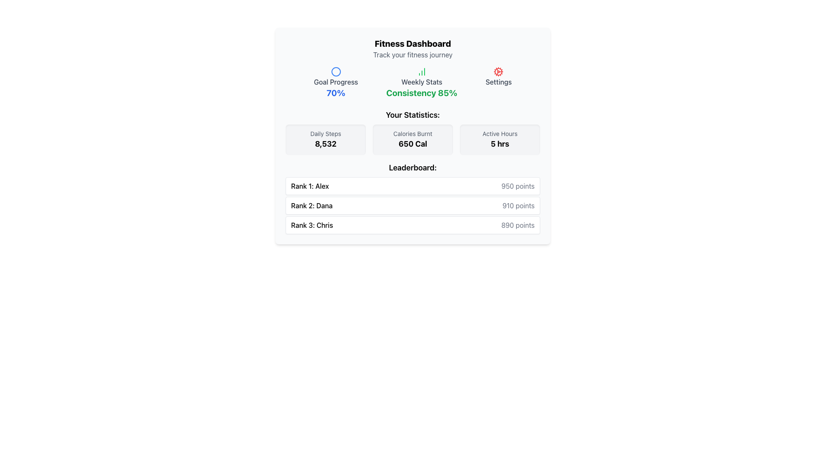 The height and width of the screenshot is (459, 816). I want to click on the text label that describes the number of daily steps in the 'Your Statistics' section of the Fitness Dashboard interface, so click(325, 134).